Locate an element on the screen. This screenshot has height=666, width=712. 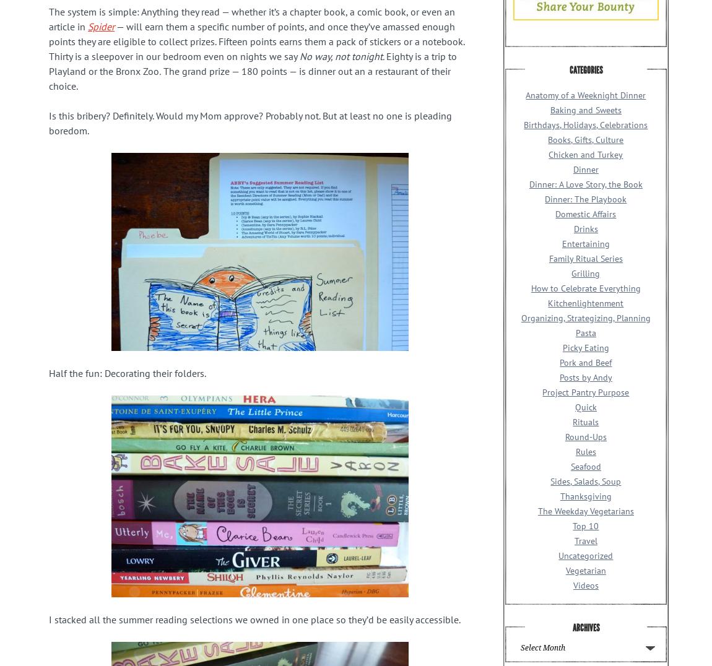
'Dinner' is located at coordinates (585, 168).